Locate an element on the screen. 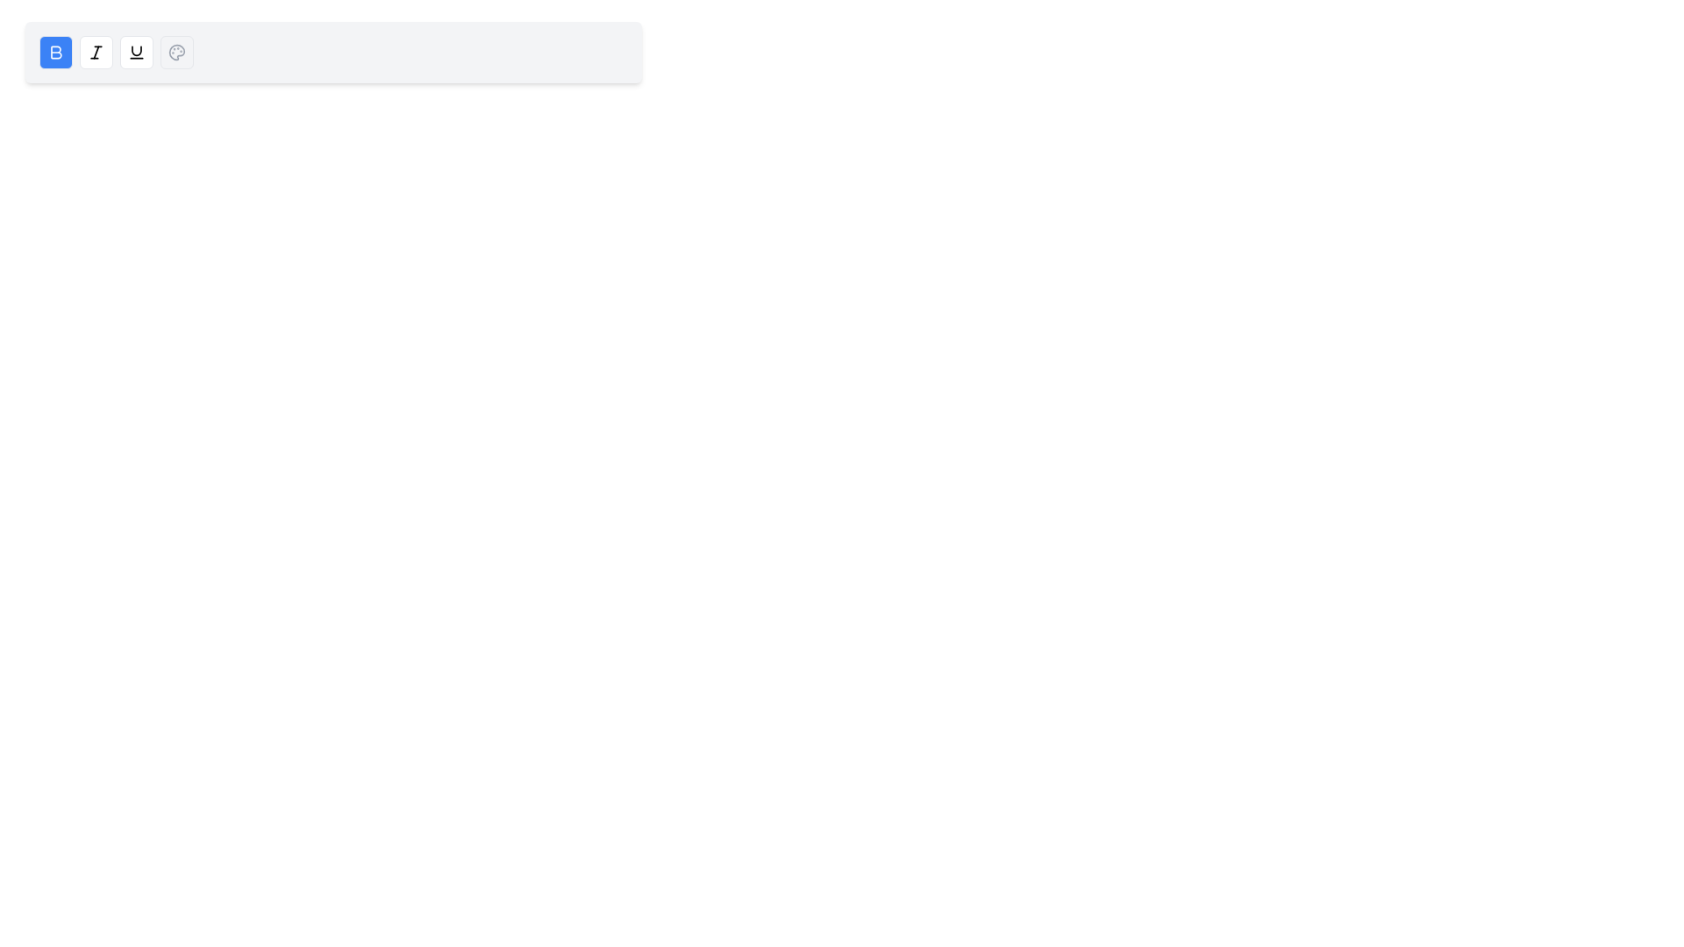 The height and width of the screenshot is (947, 1684). the italic formatting button, which is a rectangular button with a centered black italic 'I' glyph, located at the top left of the interface is located at coordinates (96, 52).